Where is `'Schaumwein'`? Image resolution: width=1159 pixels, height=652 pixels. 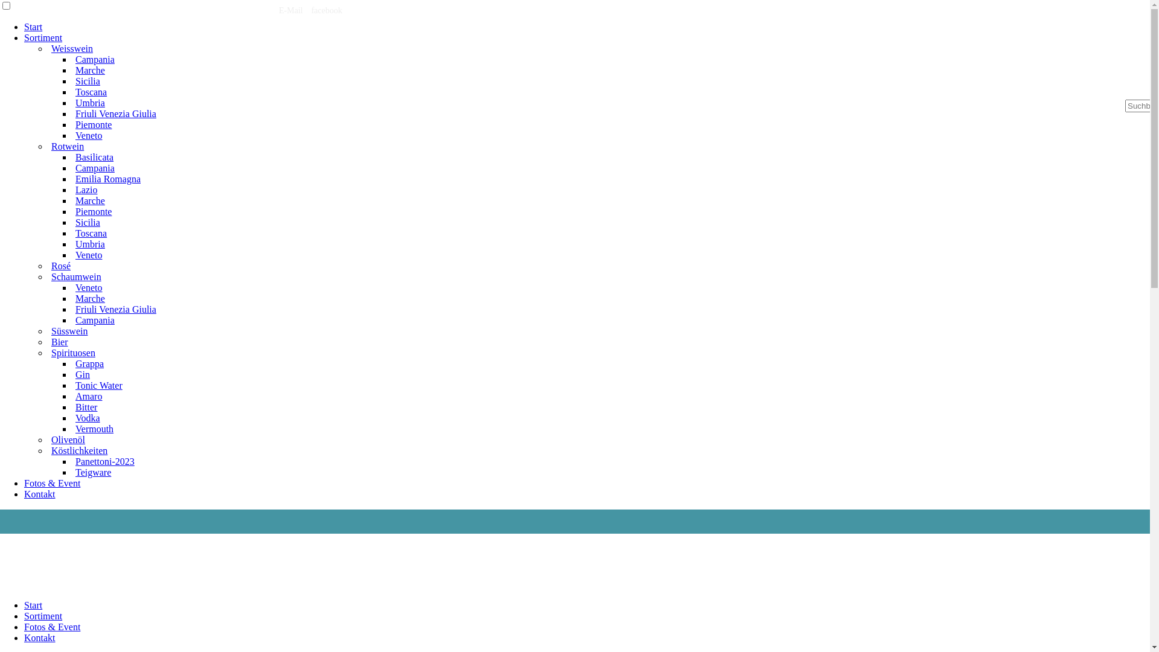 'Schaumwein' is located at coordinates (75, 276).